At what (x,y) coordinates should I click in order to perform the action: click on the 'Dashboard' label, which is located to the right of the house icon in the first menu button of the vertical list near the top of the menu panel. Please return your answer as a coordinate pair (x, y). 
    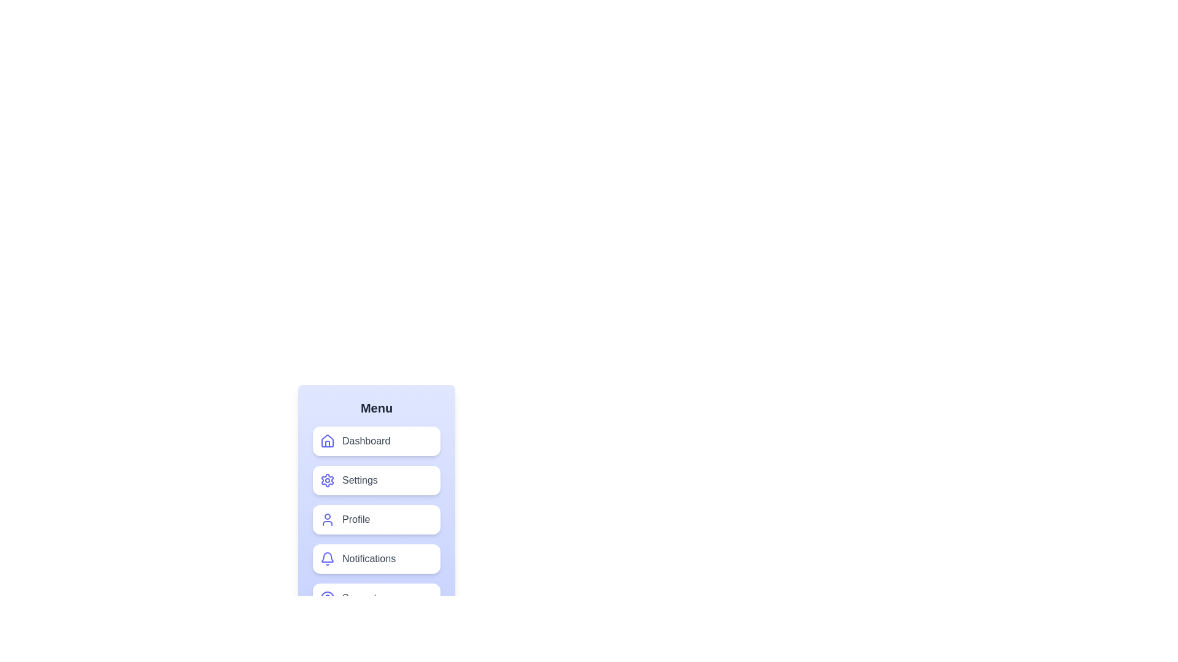
    Looking at the image, I should click on (366, 441).